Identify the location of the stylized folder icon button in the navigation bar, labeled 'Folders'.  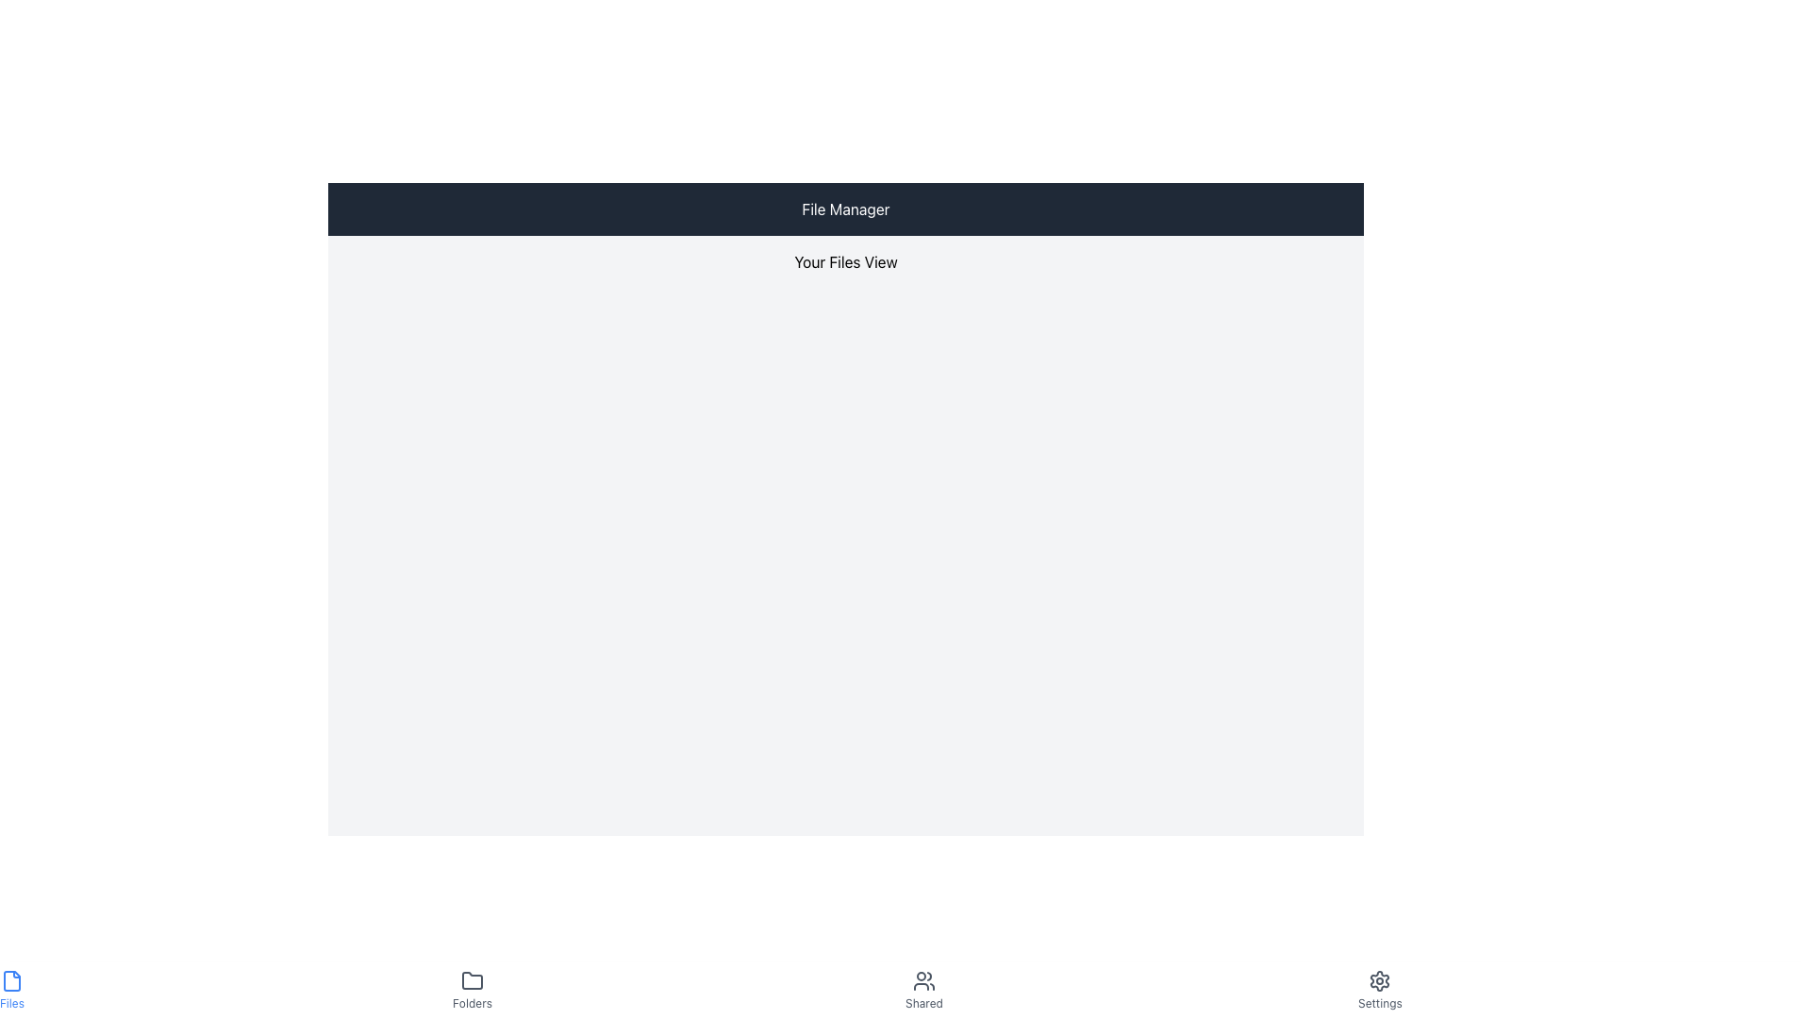
(472, 979).